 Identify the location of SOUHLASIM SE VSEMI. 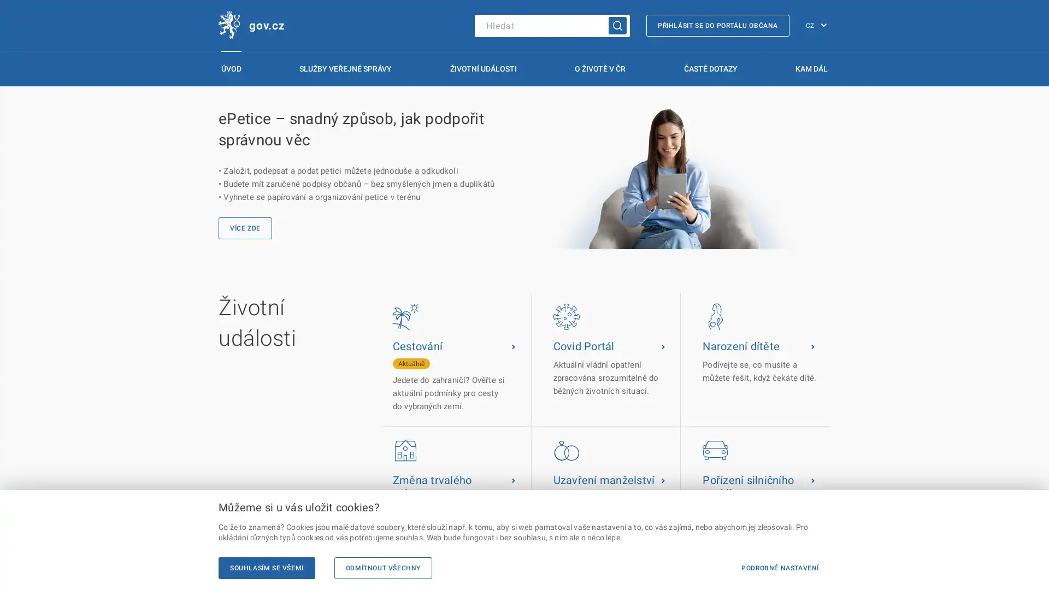
(267, 568).